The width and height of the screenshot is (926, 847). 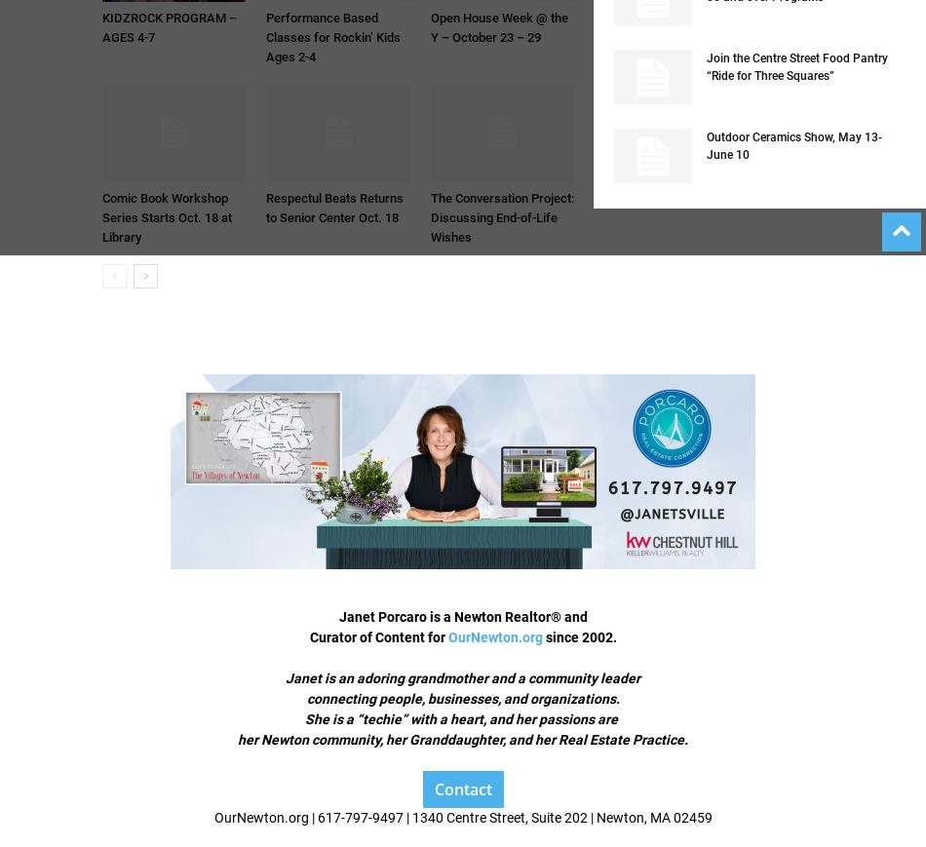 I want to click on 'Comic Book Workshop Series Starts Oct. 18 at Library', so click(x=167, y=216).